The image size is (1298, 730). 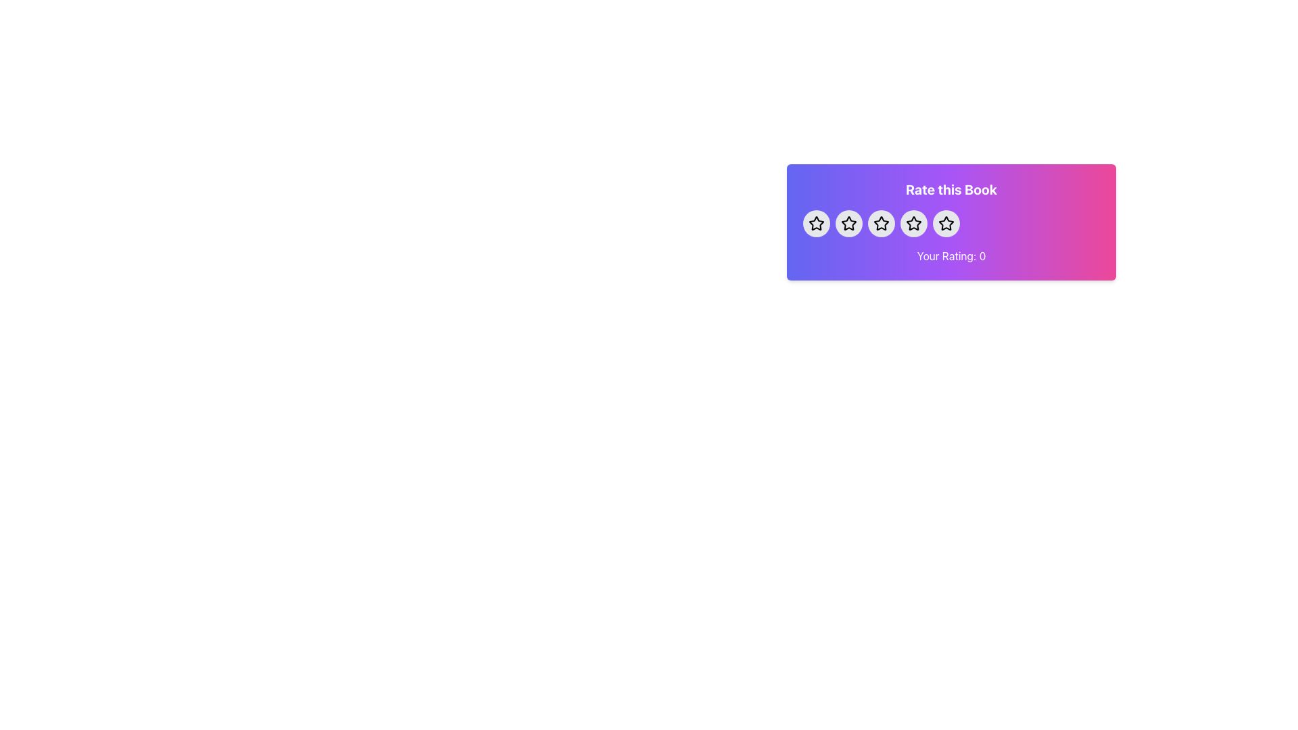 I want to click on the third star icon in the rating bar, so click(x=882, y=223).